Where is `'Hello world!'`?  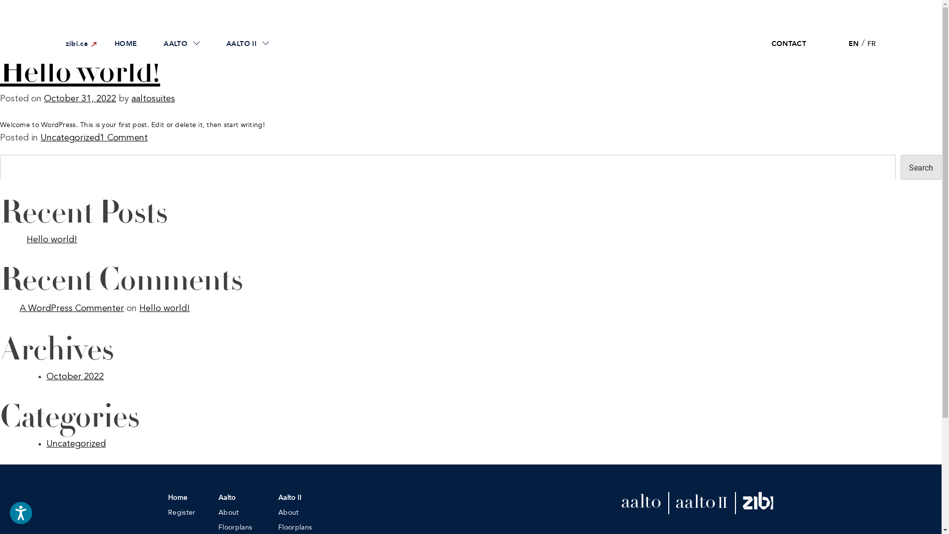 'Hello world!' is located at coordinates (80, 71).